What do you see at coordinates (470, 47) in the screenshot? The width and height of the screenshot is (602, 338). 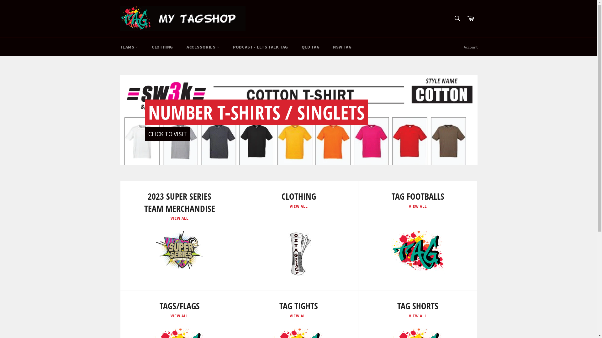 I see `'Account'` at bounding box center [470, 47].